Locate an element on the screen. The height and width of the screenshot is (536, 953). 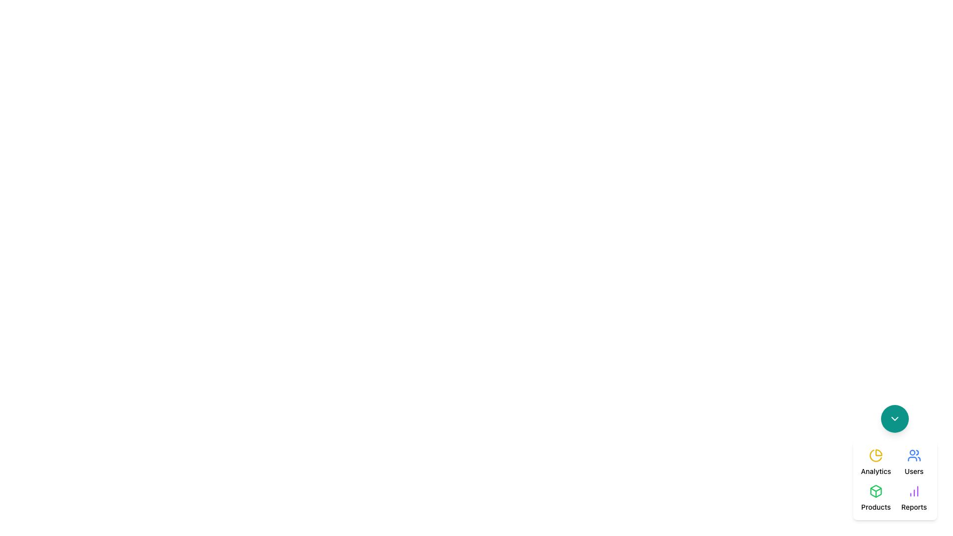
the blue icon representing a group of people, which is the top icon in the vertical group above the 'Users' label is located at coordinates (913, 456).